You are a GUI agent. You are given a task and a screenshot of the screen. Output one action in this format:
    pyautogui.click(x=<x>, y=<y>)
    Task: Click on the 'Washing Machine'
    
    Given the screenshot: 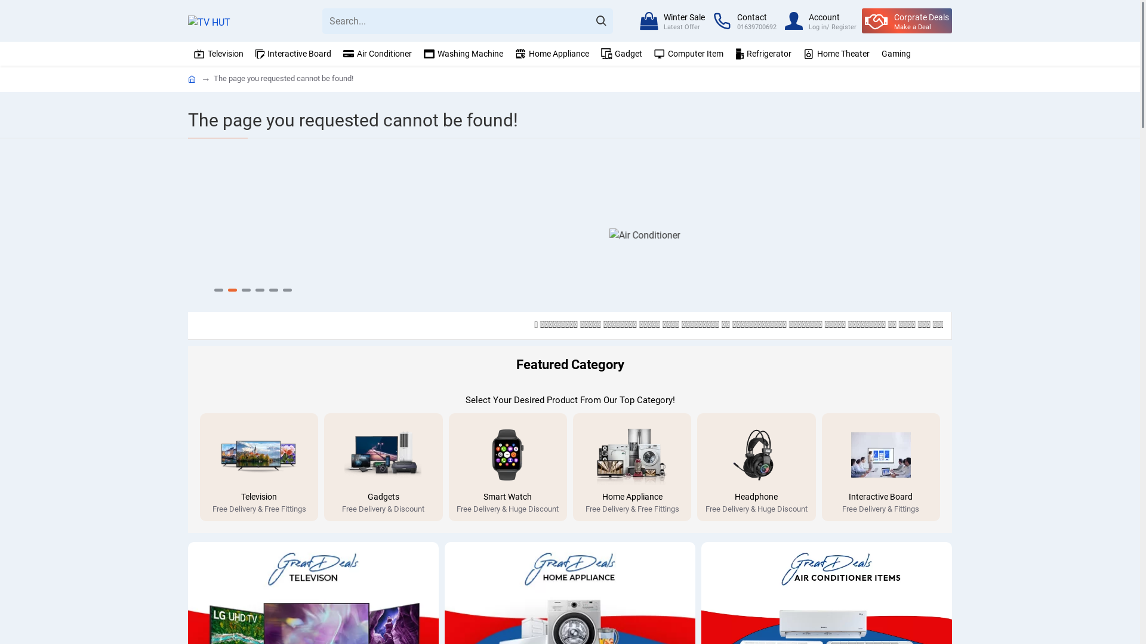 What is the action you would take?
    pyautogui.click(x=461, y=52)
    